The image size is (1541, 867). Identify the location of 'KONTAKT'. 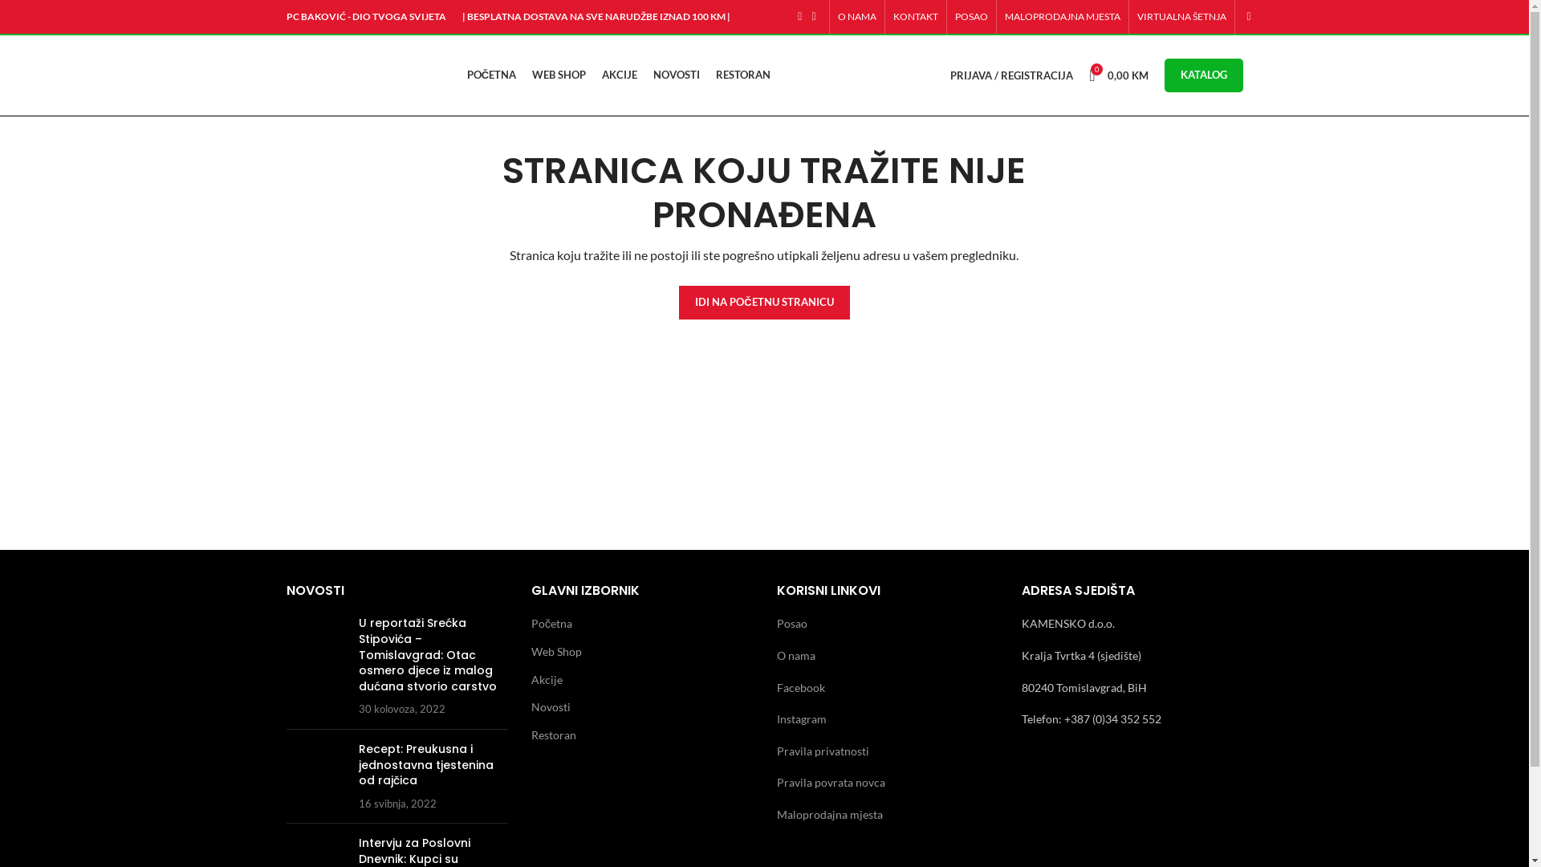
(915, 16).